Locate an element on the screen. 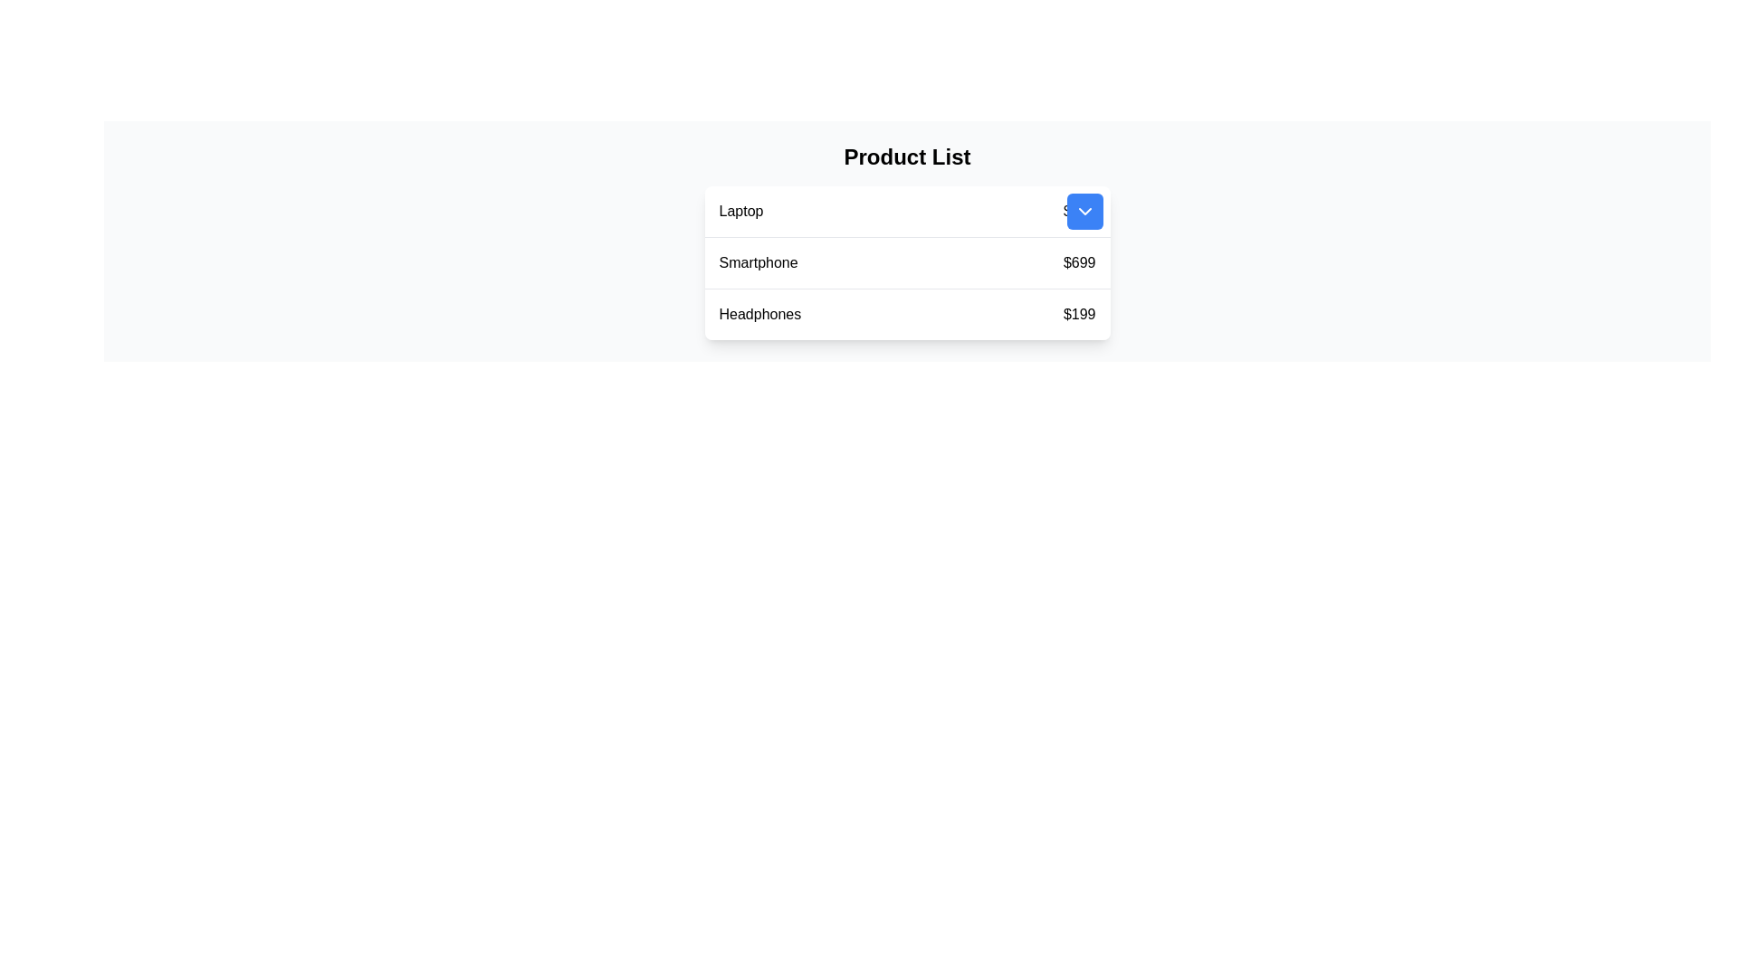 Image resolution: width=1738 pixels, height=977 pixels. the selectable item in the product list representing the 'Smartphone' priced at $699, which is located as the second item in the list is located at coordinates (907, 263).